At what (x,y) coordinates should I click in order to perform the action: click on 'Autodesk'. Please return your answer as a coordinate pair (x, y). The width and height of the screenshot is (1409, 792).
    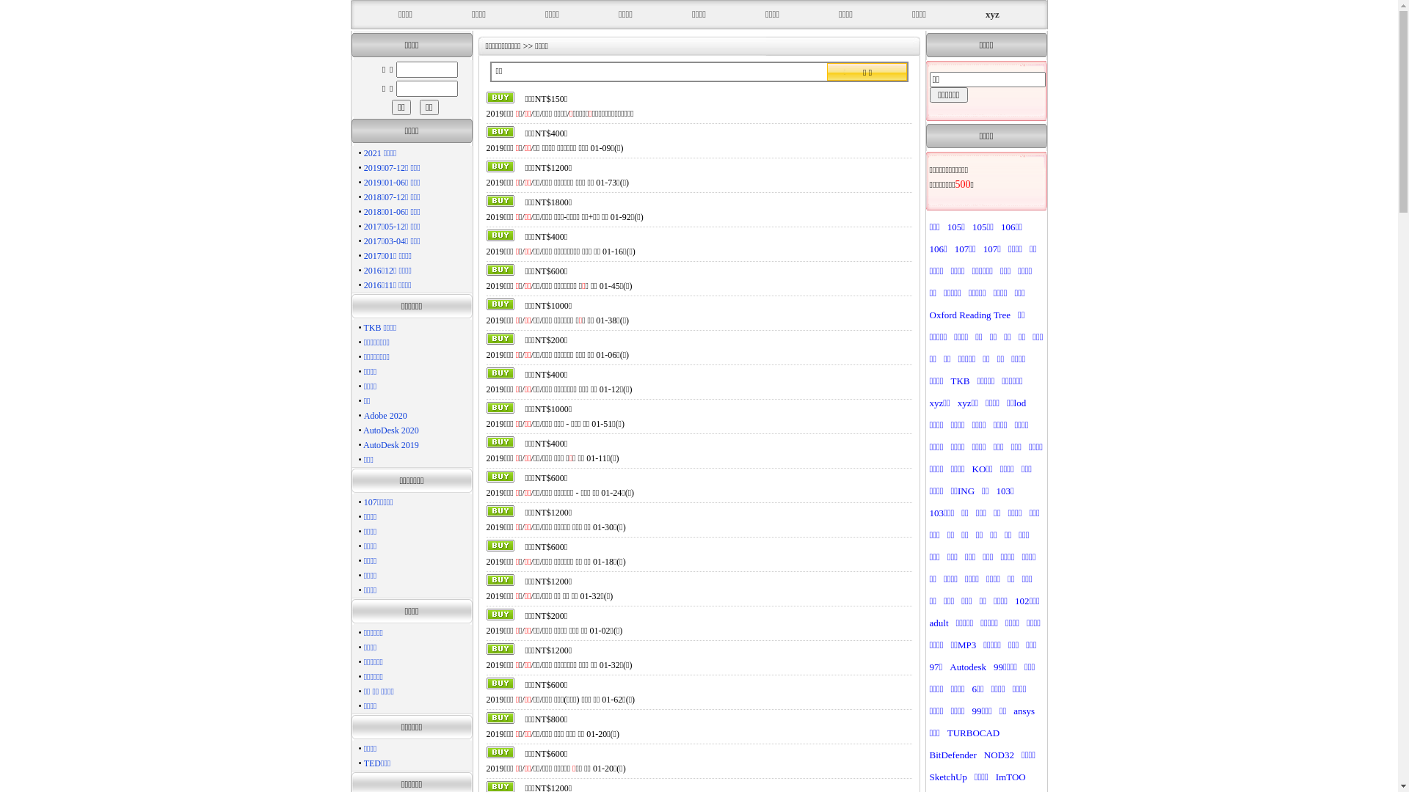
    Looking at the image, I should click on (968, 667).